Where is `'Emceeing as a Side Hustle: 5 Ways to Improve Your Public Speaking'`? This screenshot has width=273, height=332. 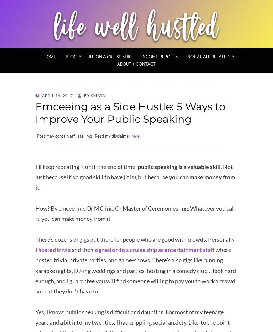 'Emceeing as a Side Hustle: 5 Ways to Improve Your Public Speaking' is located at coordinates (130, 112).